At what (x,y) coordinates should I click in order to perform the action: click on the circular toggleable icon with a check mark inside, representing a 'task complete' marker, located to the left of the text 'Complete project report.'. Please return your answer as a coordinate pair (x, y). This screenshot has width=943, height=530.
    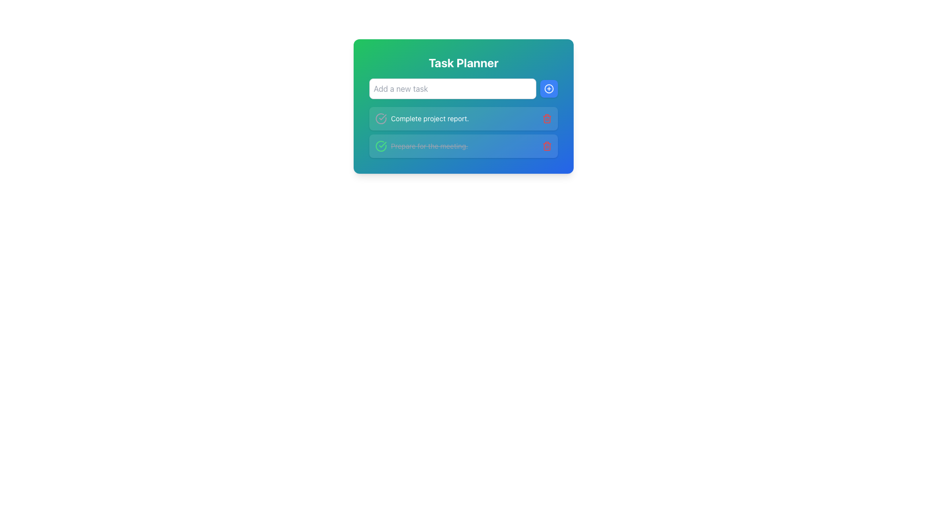
    Looking at the image, I should click on (381, 118).